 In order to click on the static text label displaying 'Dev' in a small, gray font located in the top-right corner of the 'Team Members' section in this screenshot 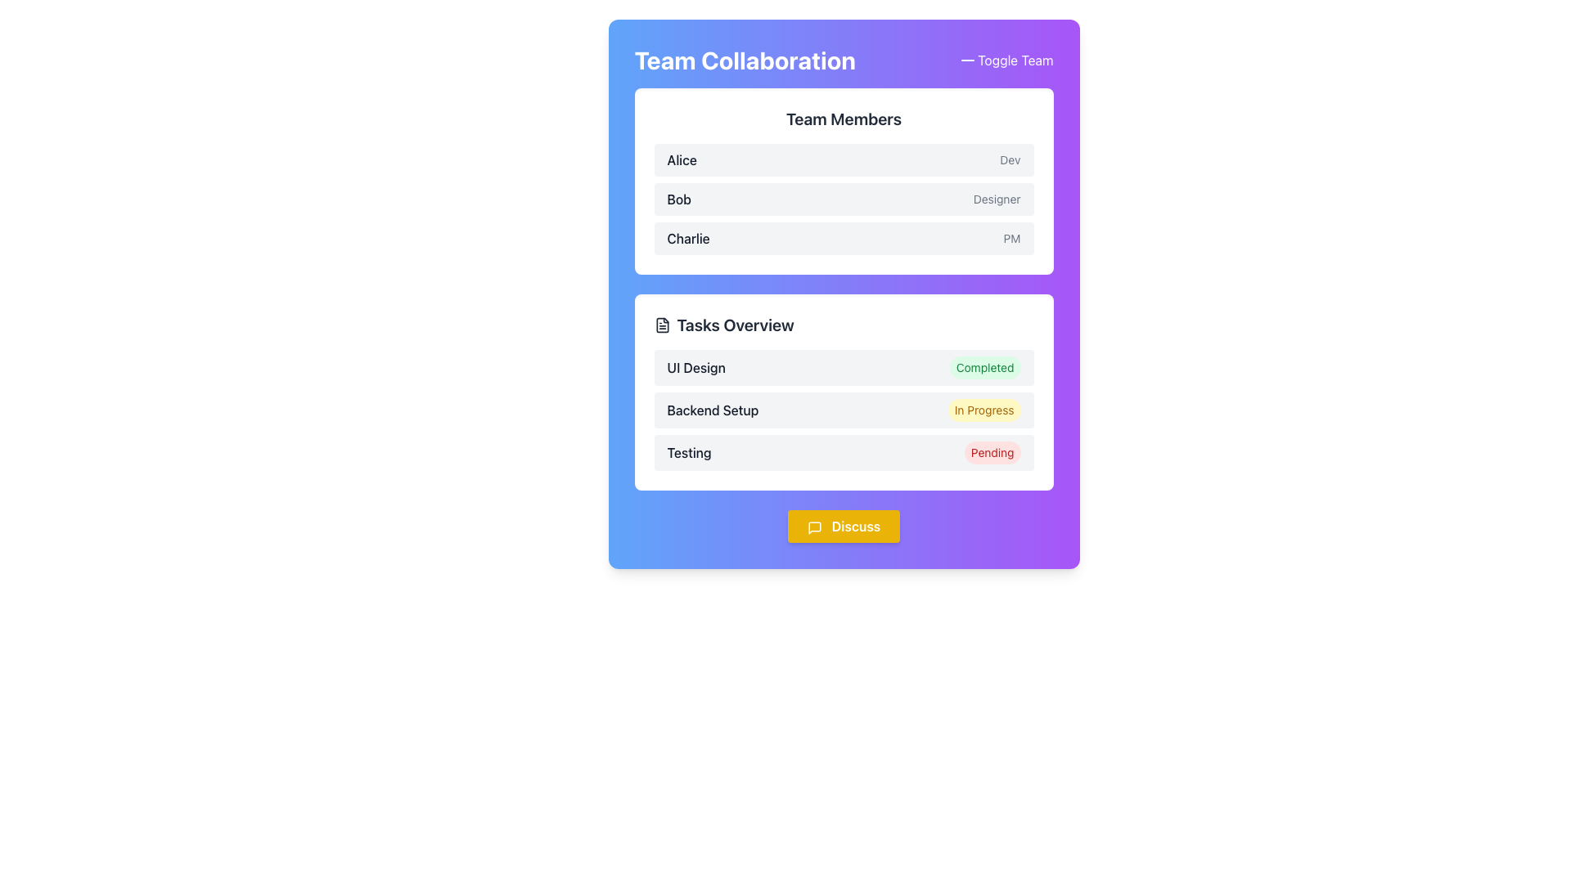, I will do `click(1009, 160)`.